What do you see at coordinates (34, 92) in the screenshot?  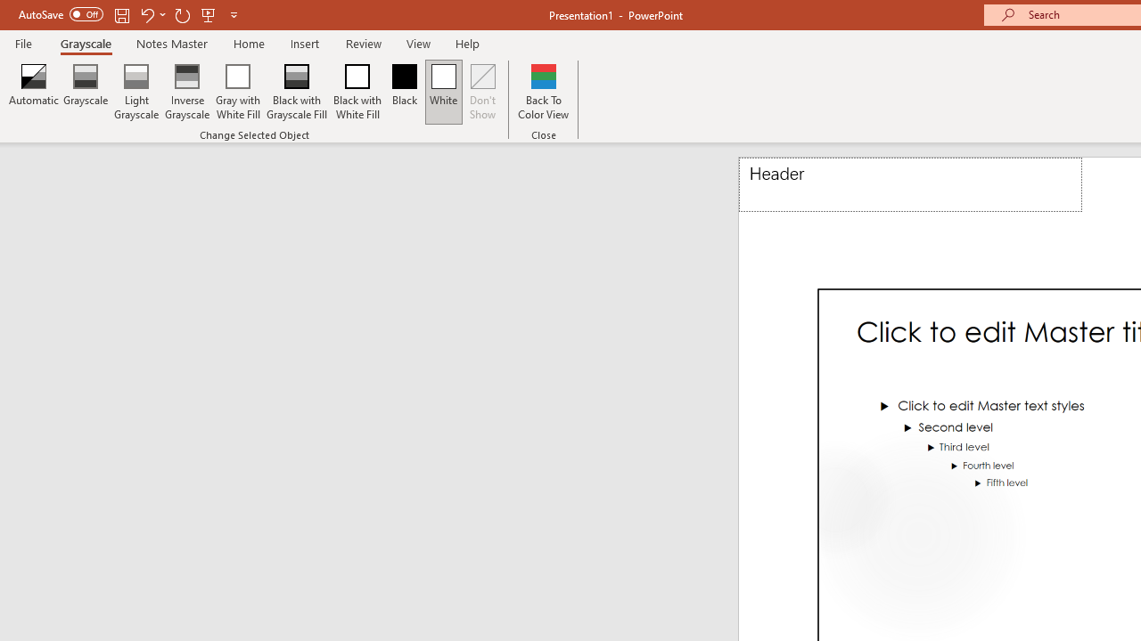 I see `'Automatic'` at bounding box center [34, 92].